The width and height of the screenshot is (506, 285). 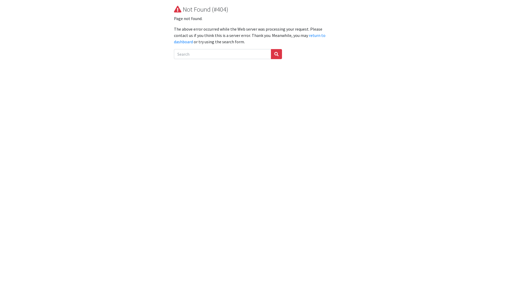 What do you see at coordinates (249, 38) in the screenshot?
I see `'return to dashboard'` at bounding box center [249, 38].